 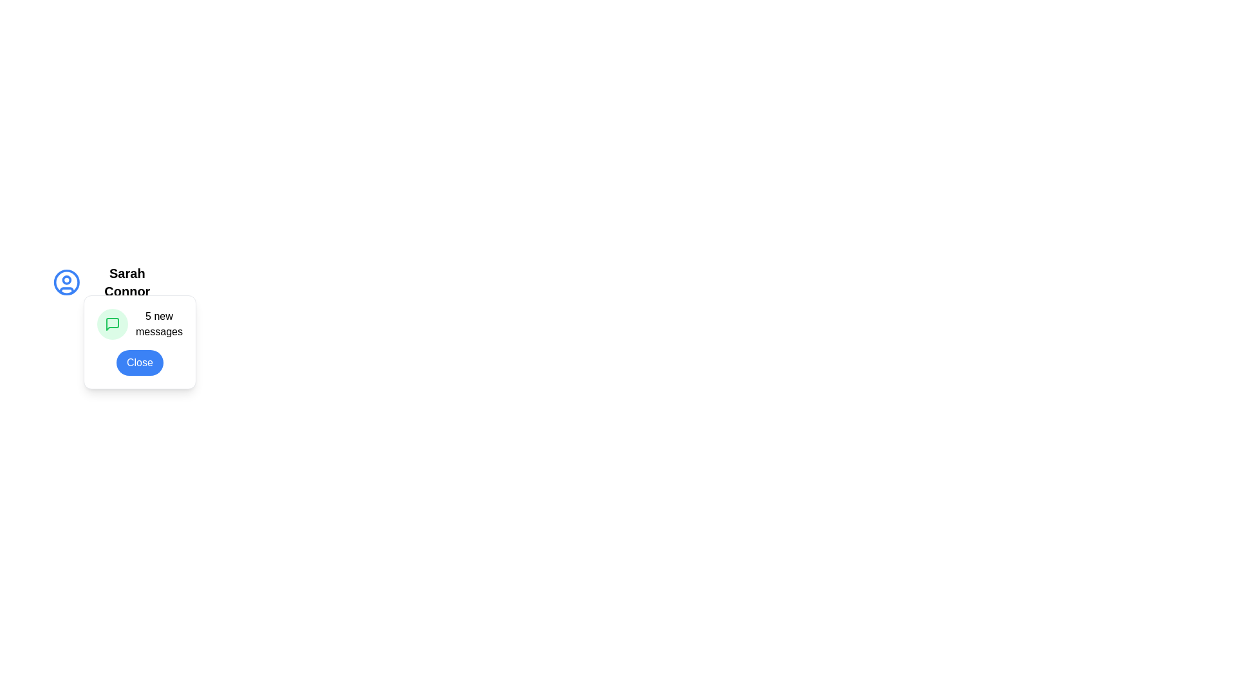 What do you see at coordinates (66, 290) in the screenshot?
I see `the user icon component located beneath two circular elements and adjacent to the label 'Sarah Connor'` at bounding box center [66, 290].